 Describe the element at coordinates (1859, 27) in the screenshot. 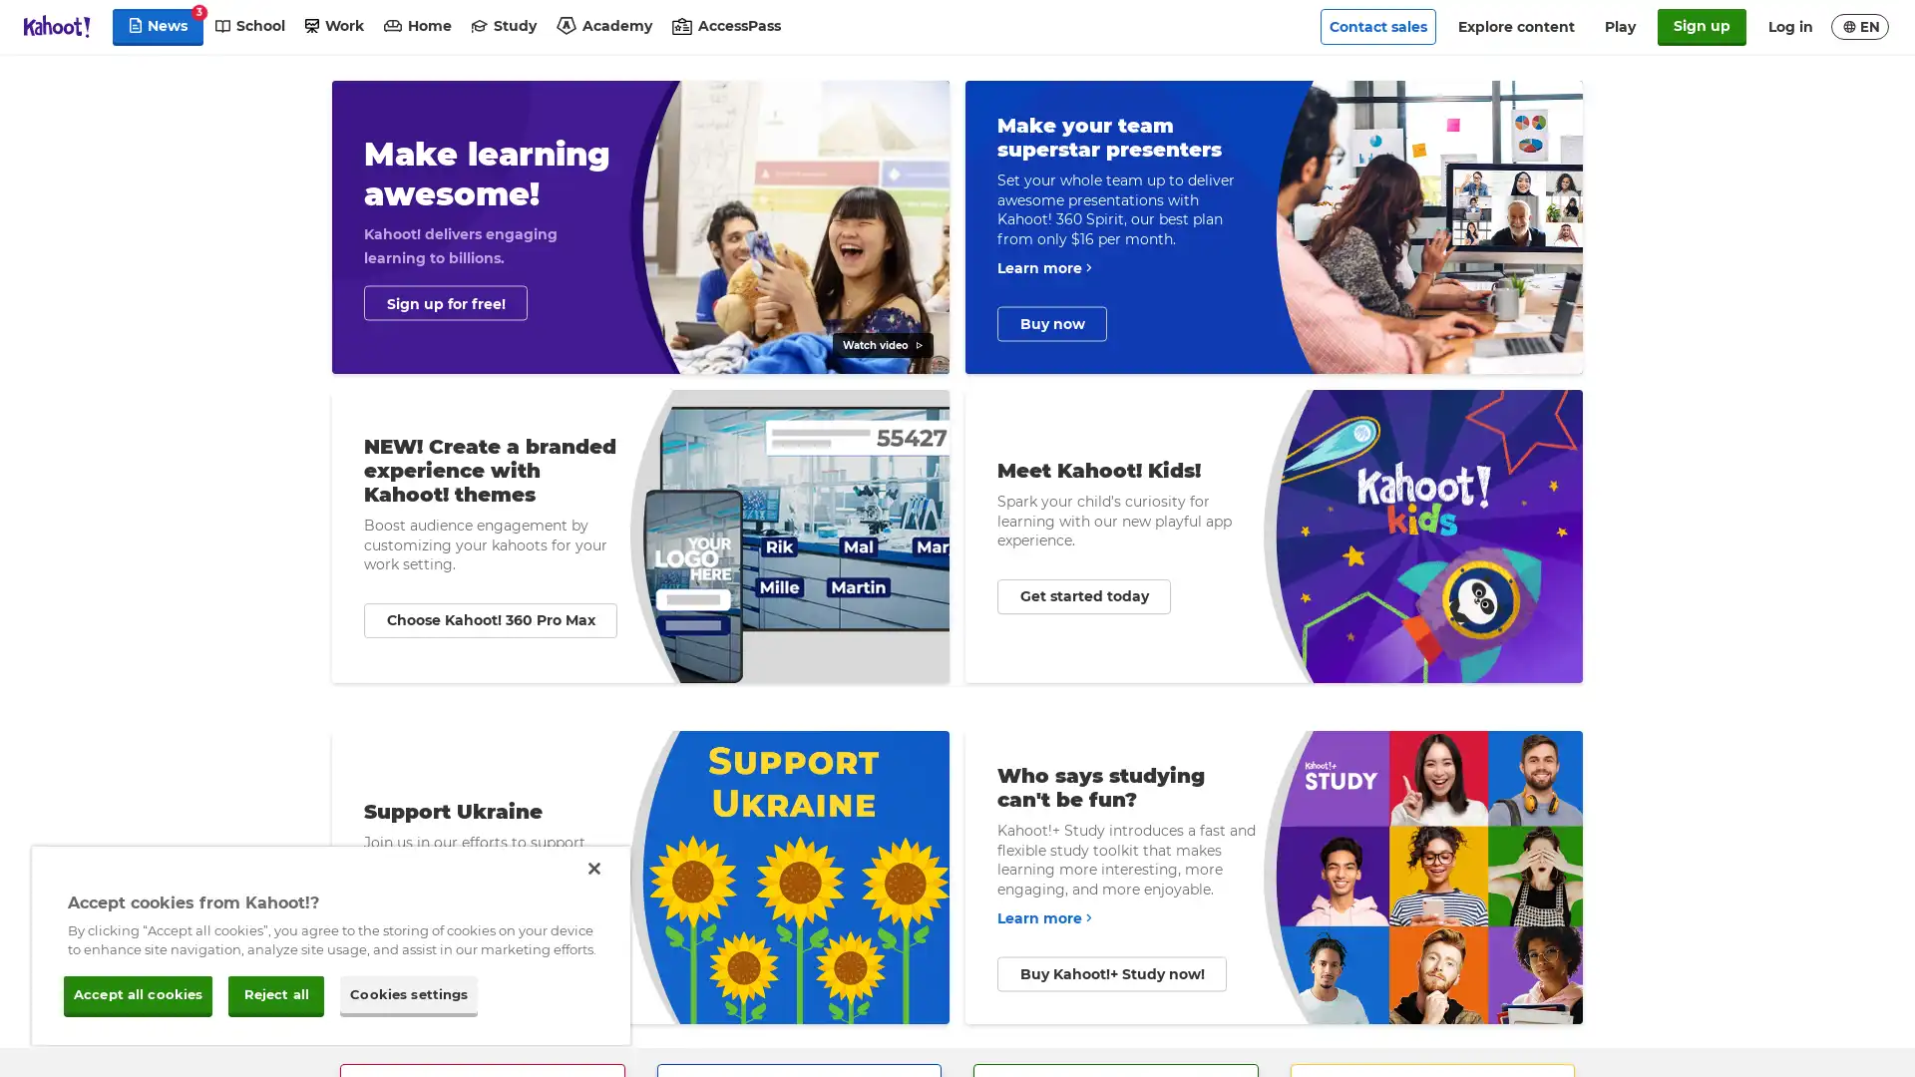

I see `Language switcher dropdown` at that location.